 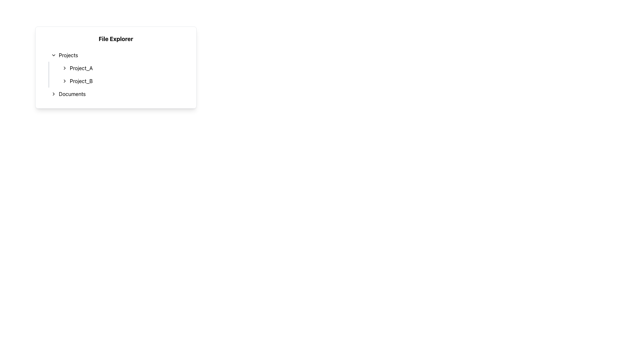 I want to click on the third item in the hierarchical navigation menu labeled 'Documents', so click(x=72, y=94).